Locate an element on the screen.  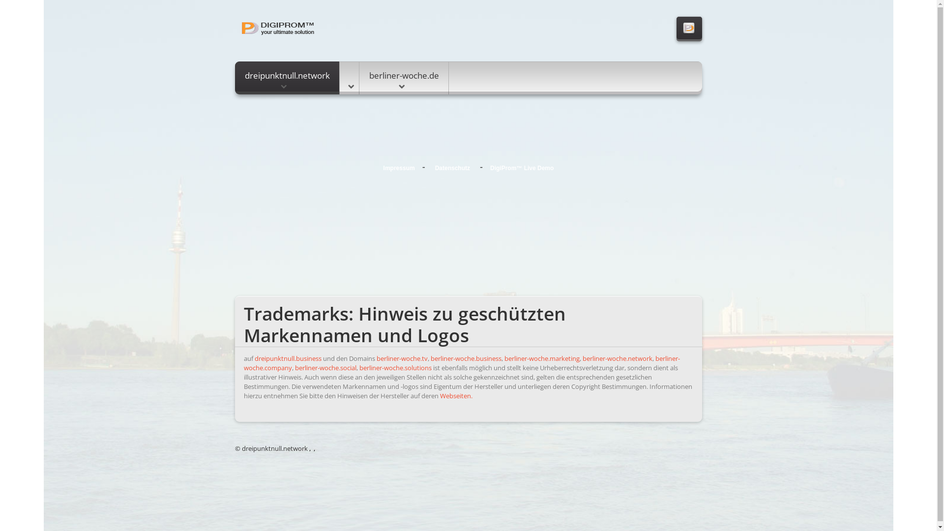
'berliner-woche.de' is located at coordinates (358, 77).